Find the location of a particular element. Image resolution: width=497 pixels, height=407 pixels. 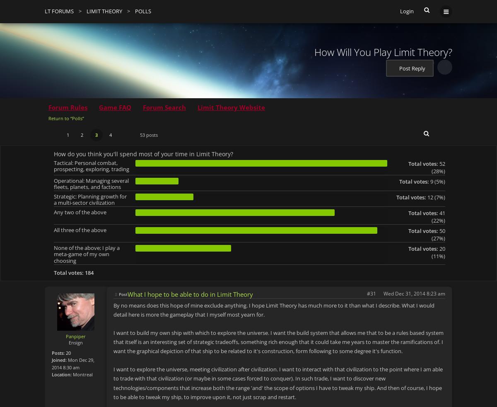

'Polls' is located at coordinates (143, 11).